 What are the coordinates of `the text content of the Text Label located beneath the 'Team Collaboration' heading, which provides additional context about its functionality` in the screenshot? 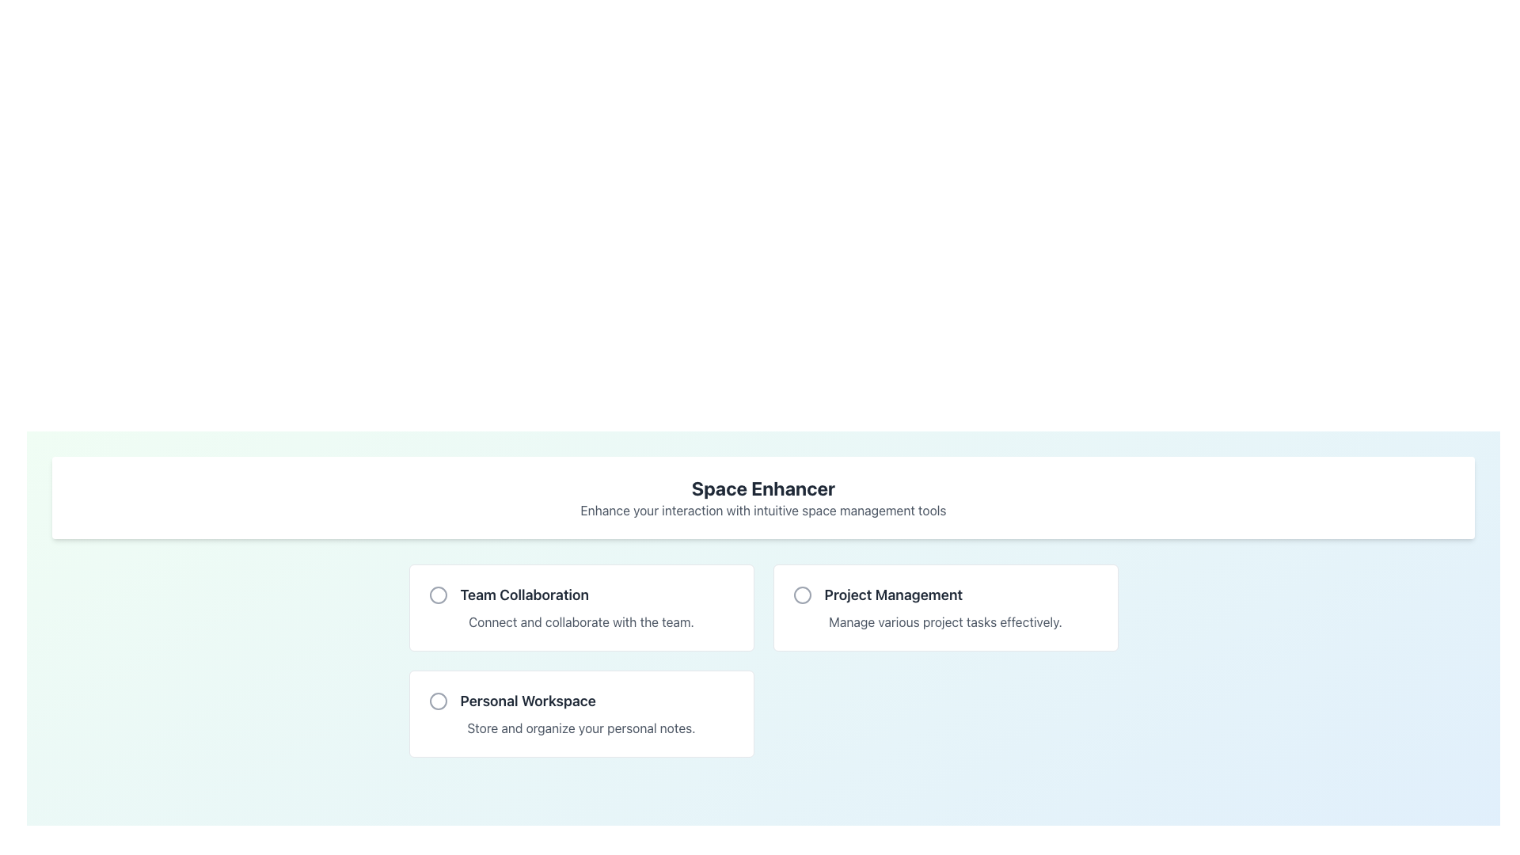 It's located at (580, 621).